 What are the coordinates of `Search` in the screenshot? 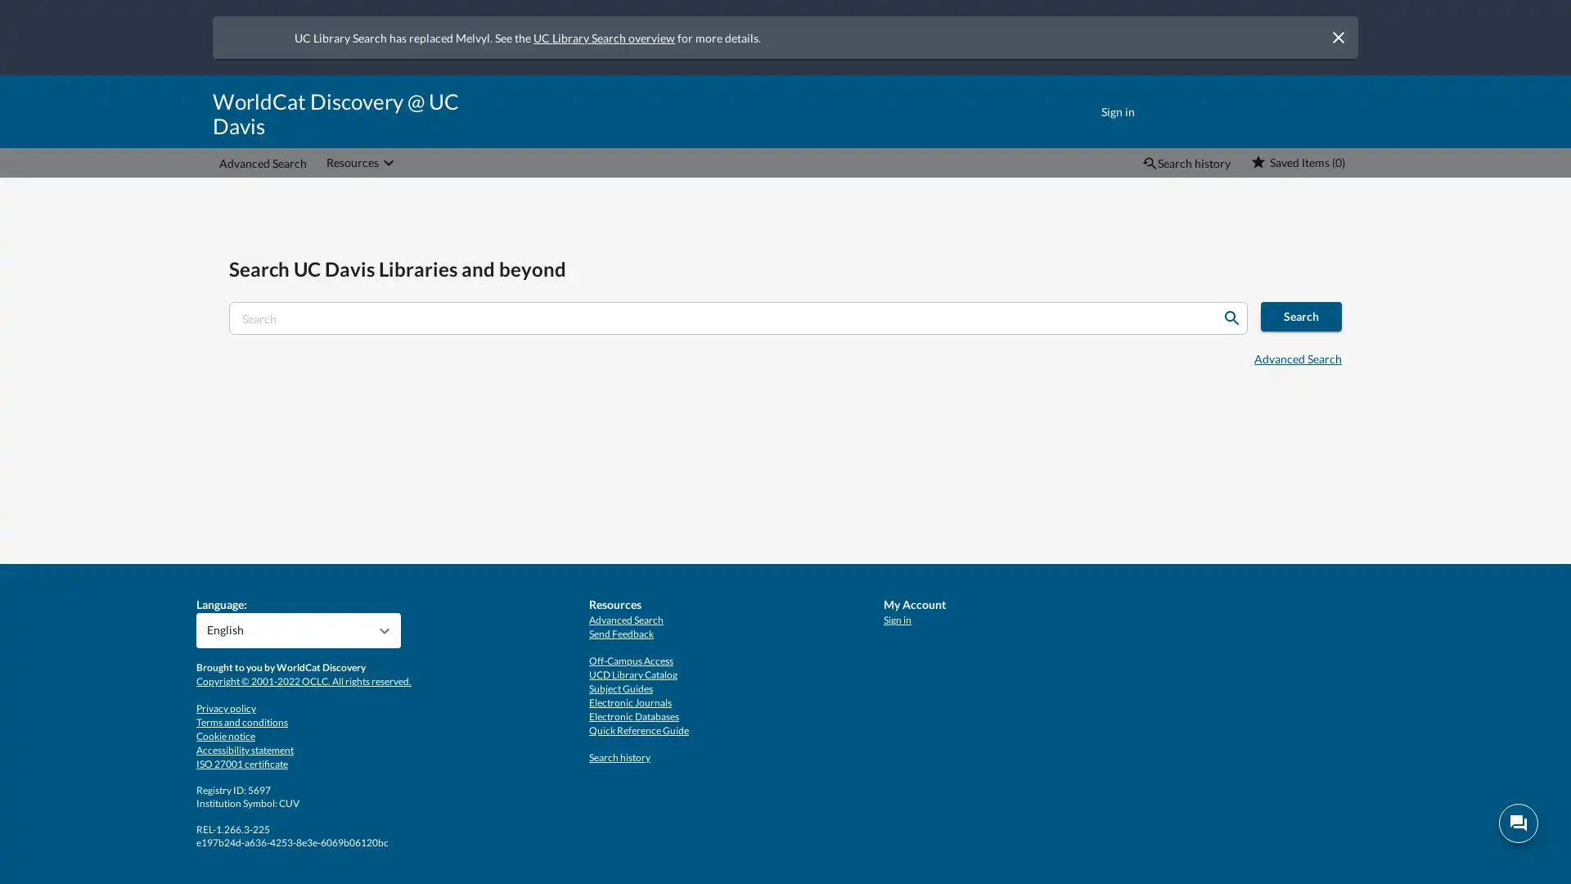 It's located at (1300, 316).